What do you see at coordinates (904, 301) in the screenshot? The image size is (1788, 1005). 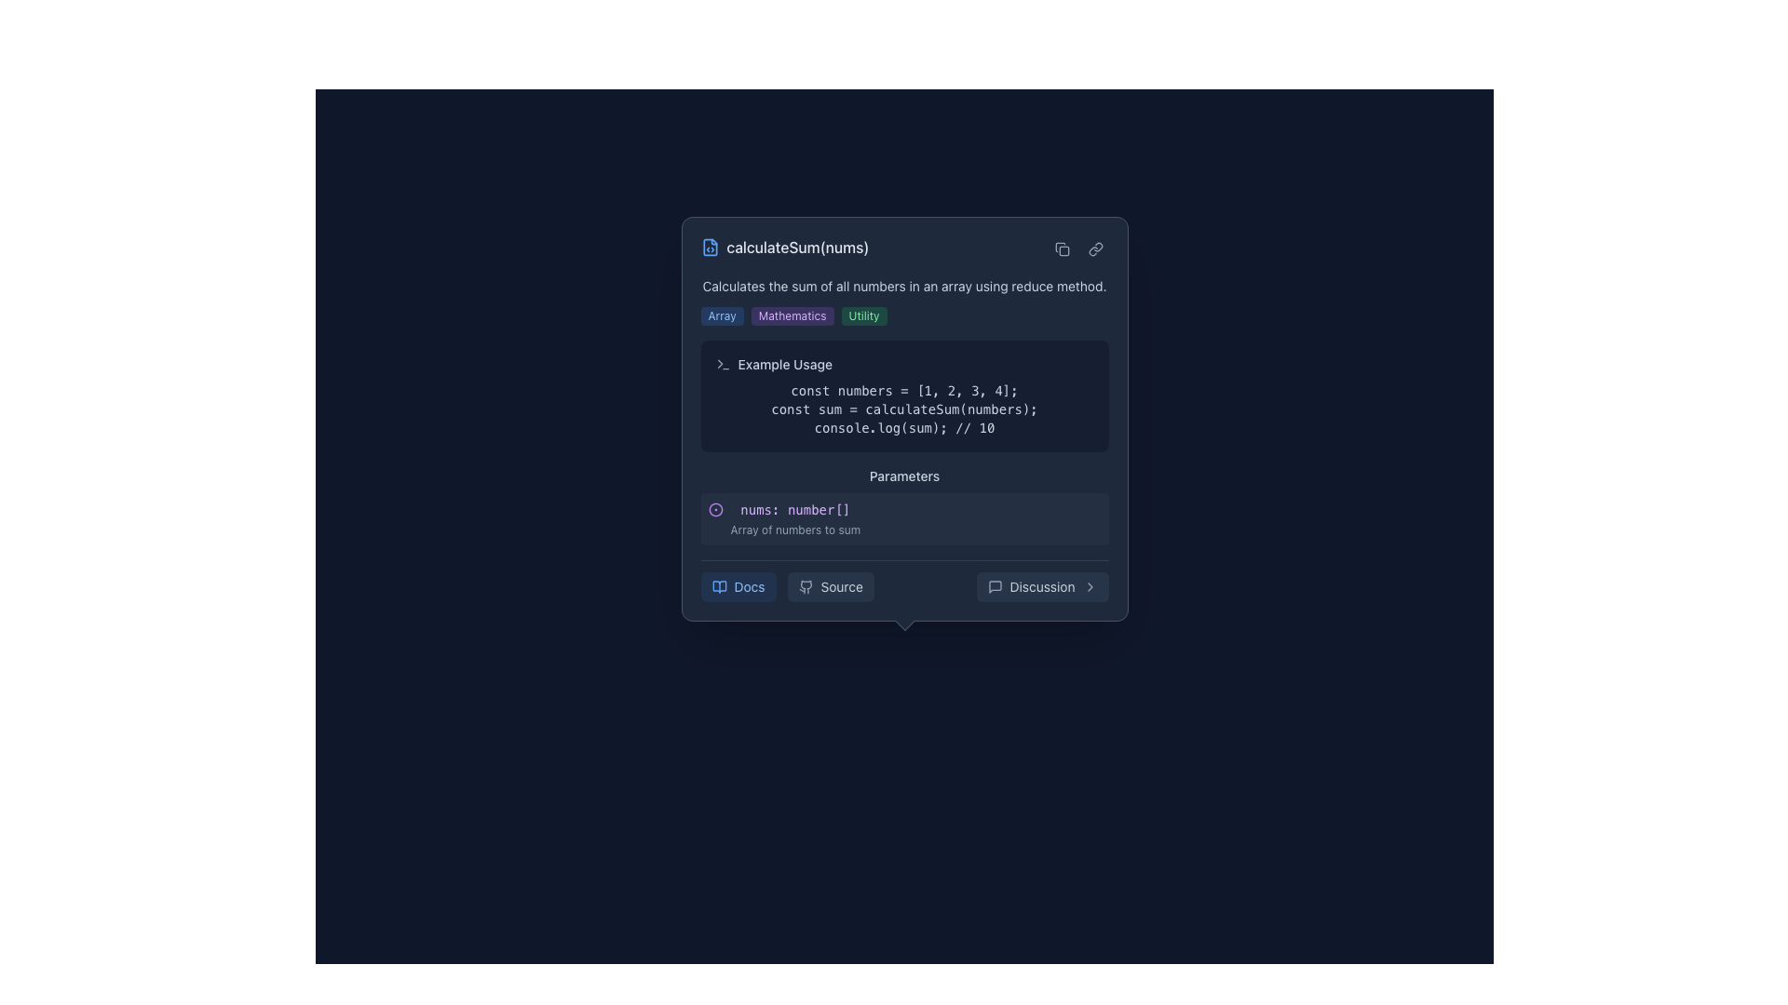 I see `the text block that states 'Calculates the sum of all numbers in an array` at bounding box center [904, 301].